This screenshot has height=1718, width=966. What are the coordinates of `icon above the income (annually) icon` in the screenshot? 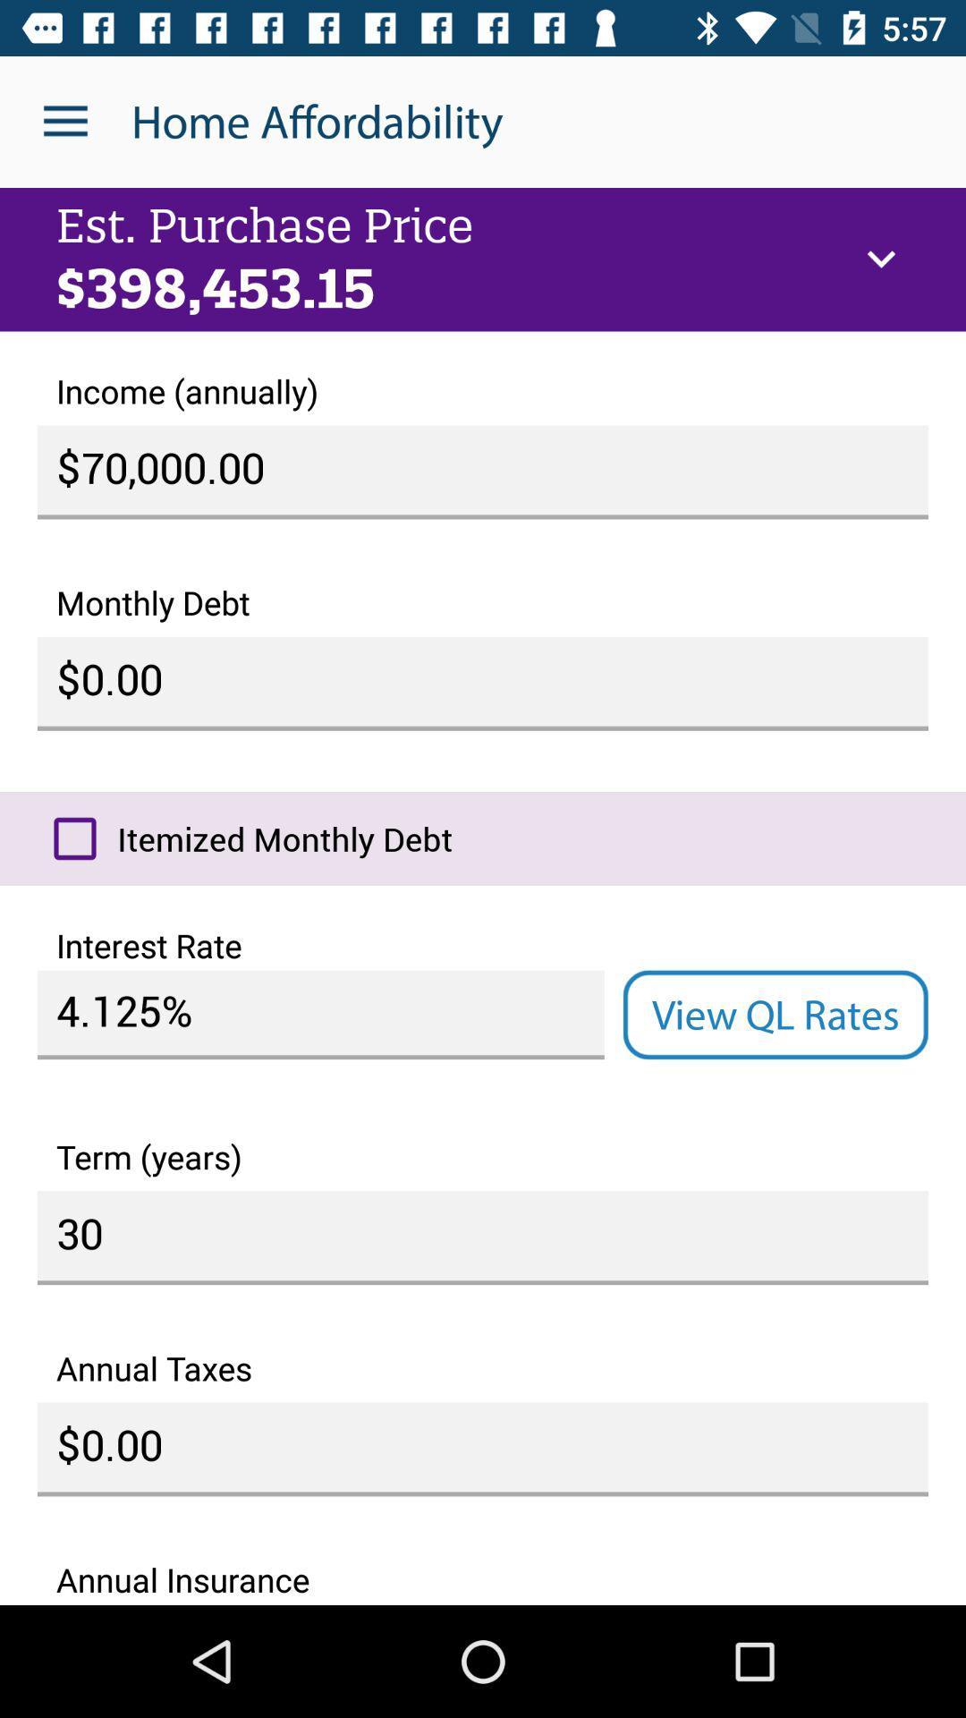 It's located at (880, 259).